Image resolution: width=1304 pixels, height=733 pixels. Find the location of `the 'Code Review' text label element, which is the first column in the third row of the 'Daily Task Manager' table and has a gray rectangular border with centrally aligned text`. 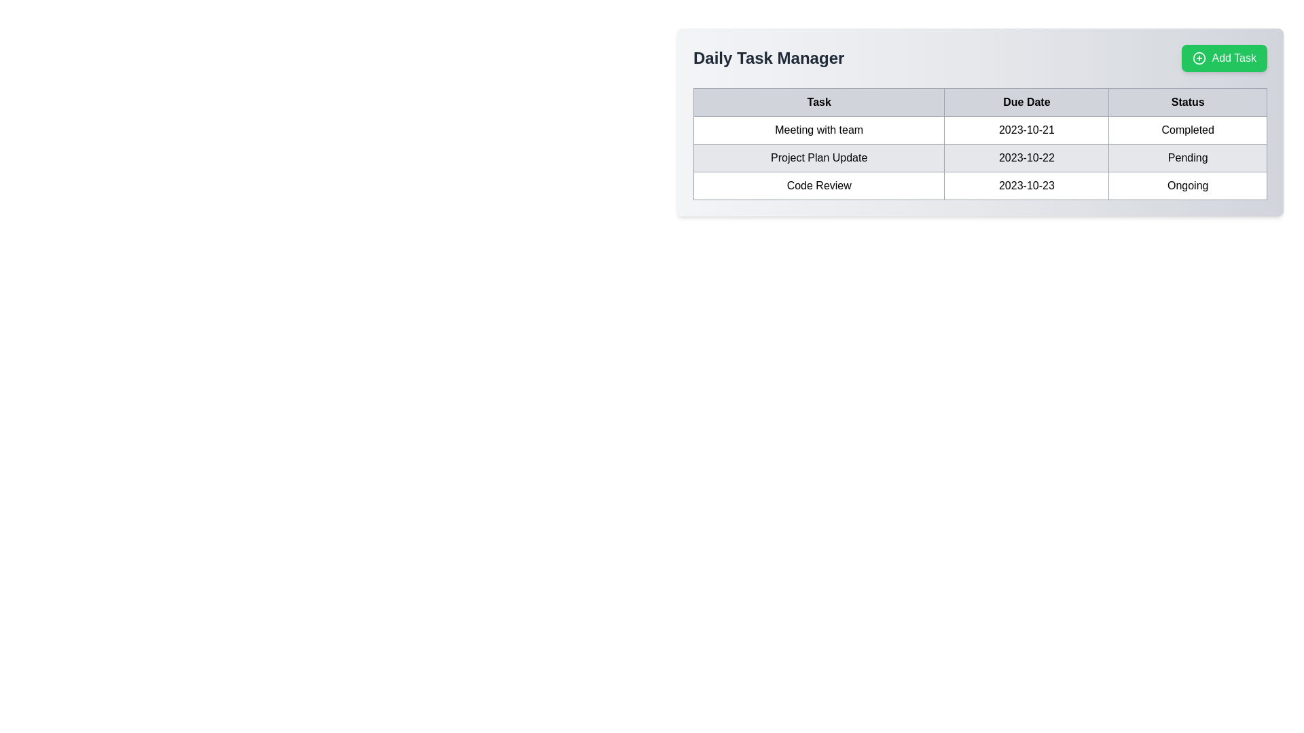

the 'Code Review' text label element, which is the first column in the third row of the 'Daily Task Manager' table and has a gray rectangular border with centrally aligned text is located at coordinates (818, 185).